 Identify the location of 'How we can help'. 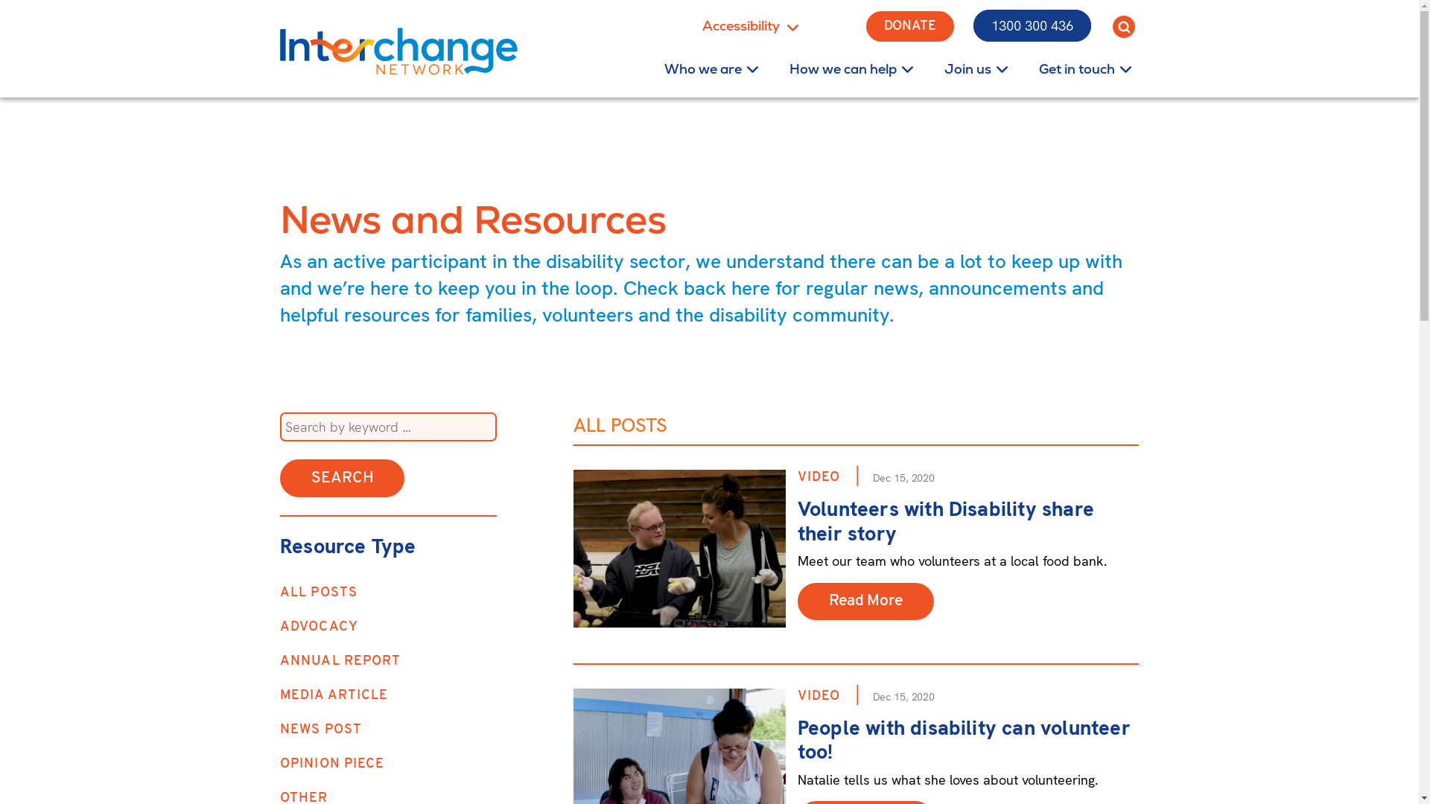
(843, 68).